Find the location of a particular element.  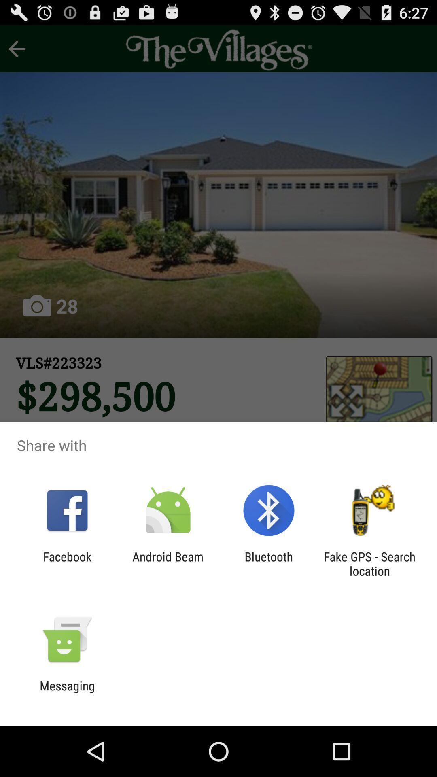

icon to the left of fake gps search is located at coordinates (269, 563).